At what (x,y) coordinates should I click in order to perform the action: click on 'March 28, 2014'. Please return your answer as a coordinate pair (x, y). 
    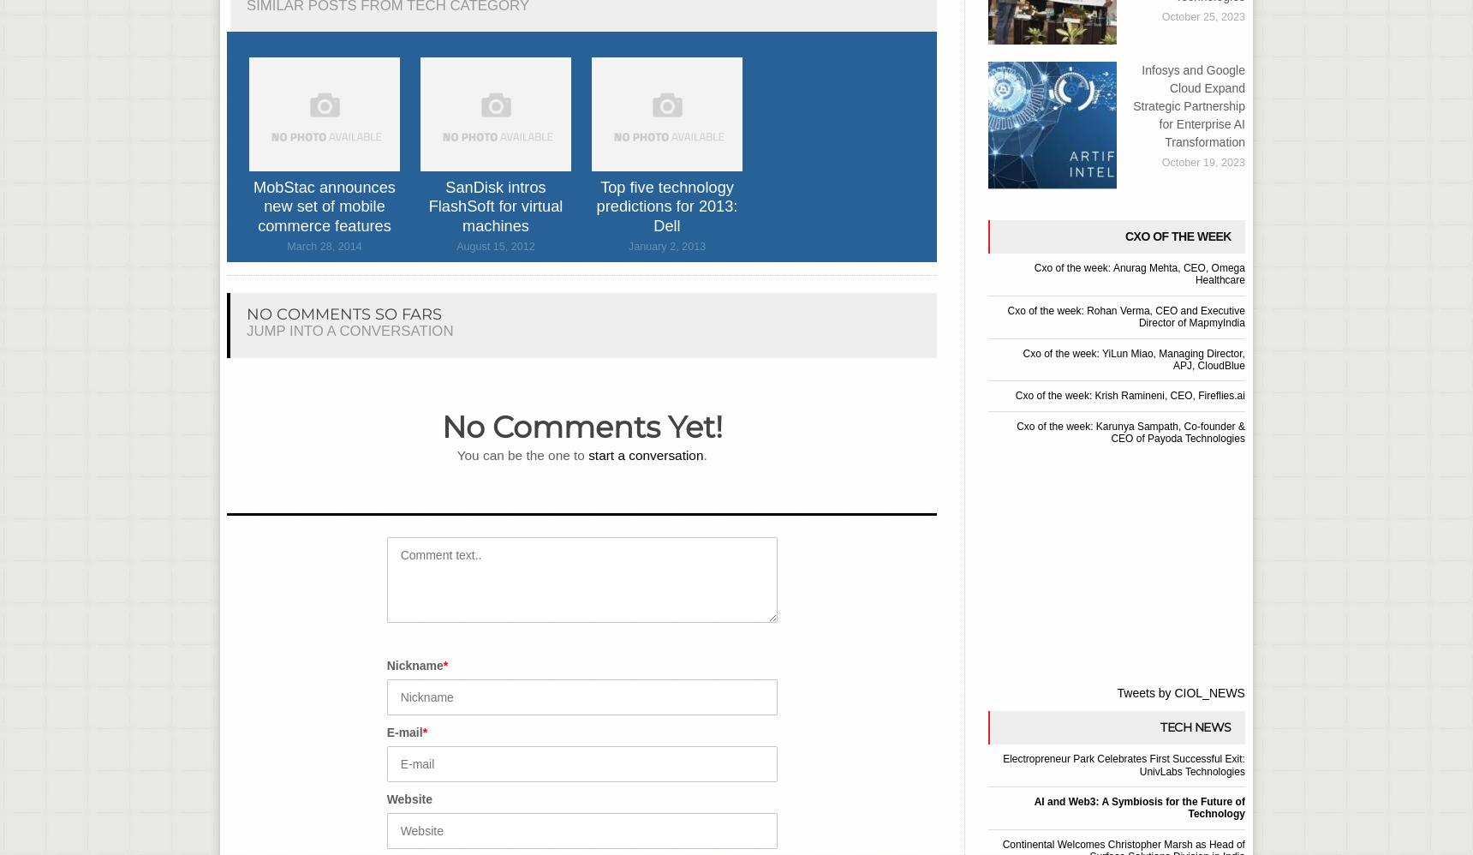
    Looking at the image, I should click on (324, 246).